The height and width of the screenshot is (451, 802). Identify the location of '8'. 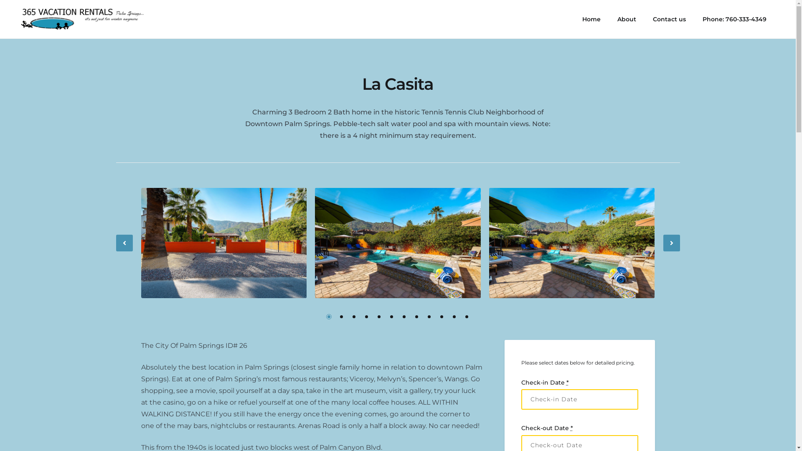
(415, 317).